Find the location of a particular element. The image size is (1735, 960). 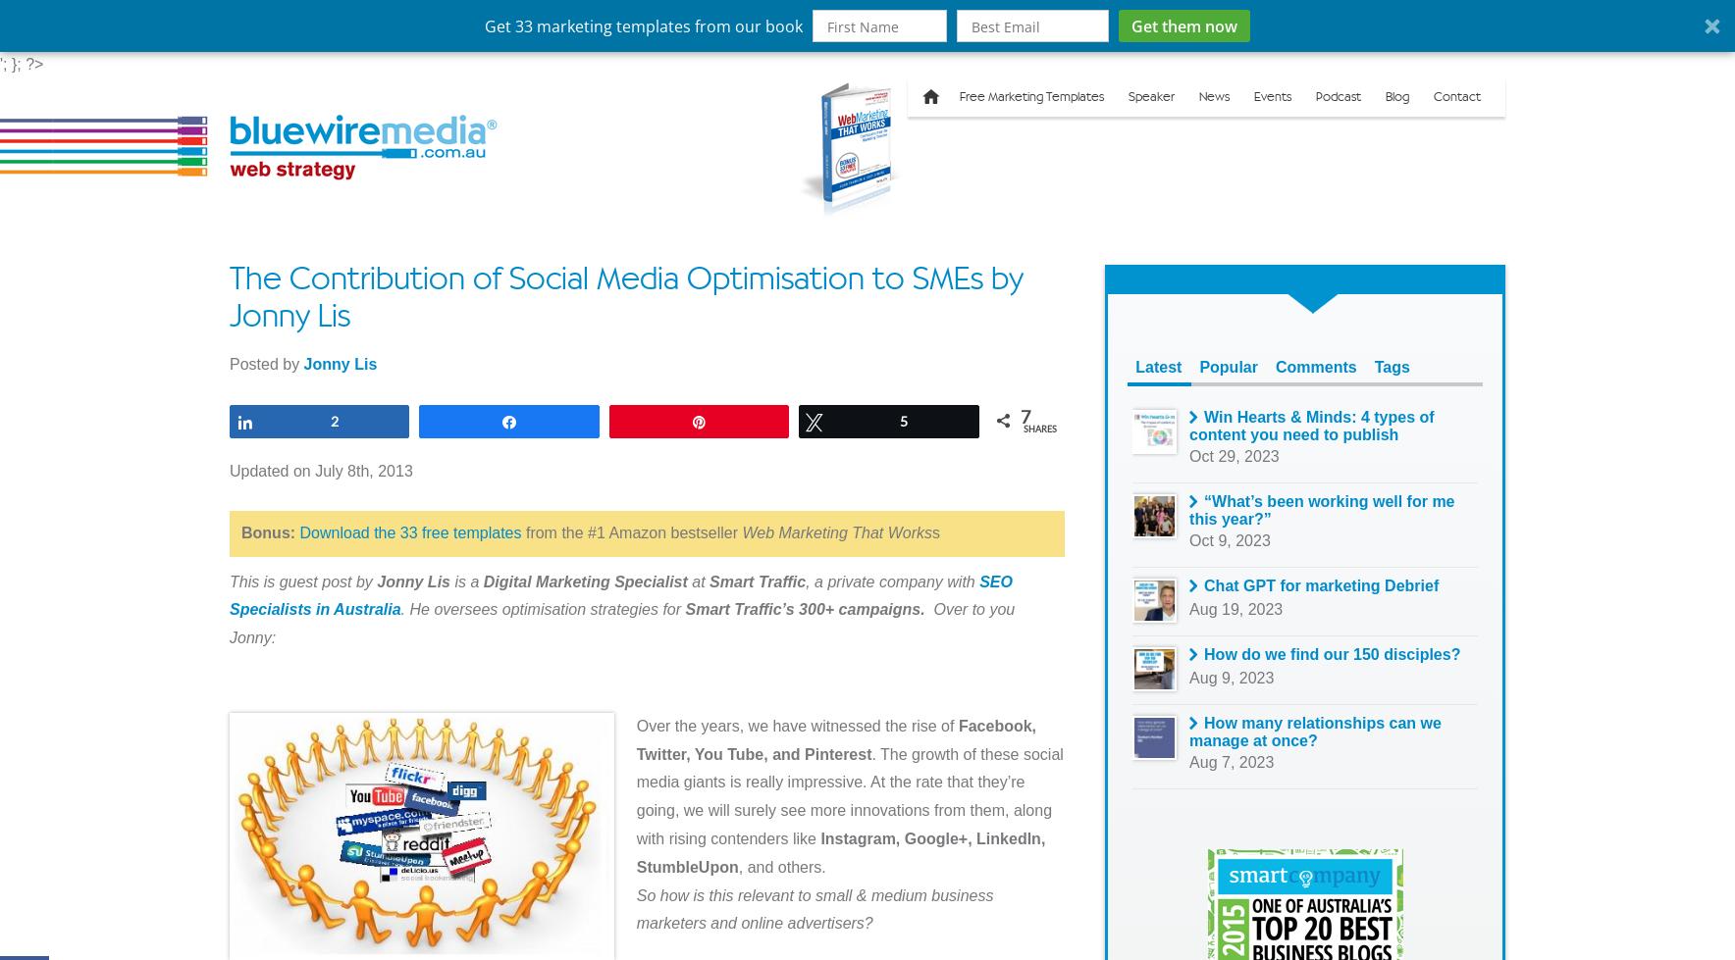

'Chat GPT for marketing Debrief' is located at coordinates (1320, 584).